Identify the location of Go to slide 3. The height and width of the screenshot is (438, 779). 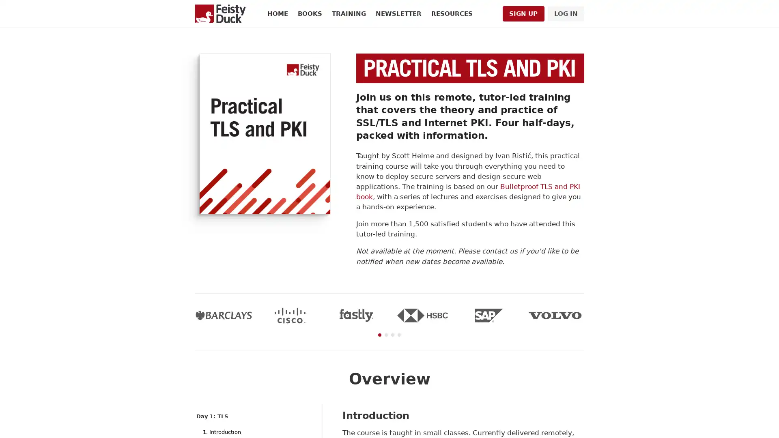
(393, 335).